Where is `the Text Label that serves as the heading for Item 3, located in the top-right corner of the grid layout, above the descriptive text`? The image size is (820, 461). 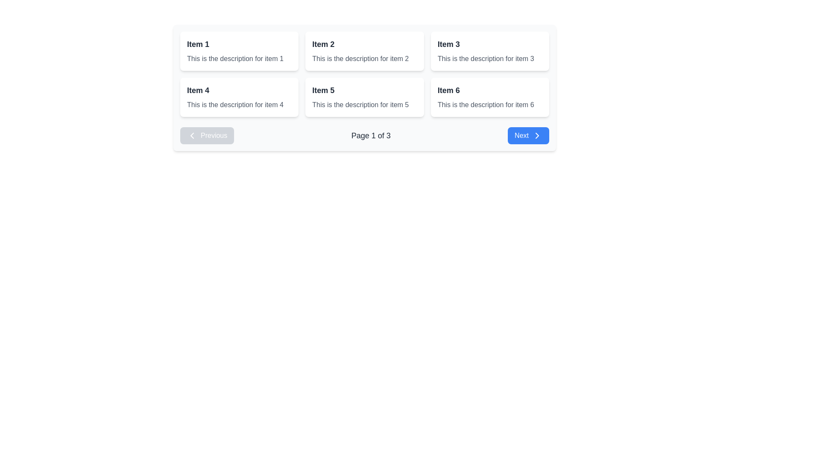
the Text Label that serves as the heading for Item 3, located in the top-right corner of the grid layout, above the descriptive text is located at coordinates (448, 44).